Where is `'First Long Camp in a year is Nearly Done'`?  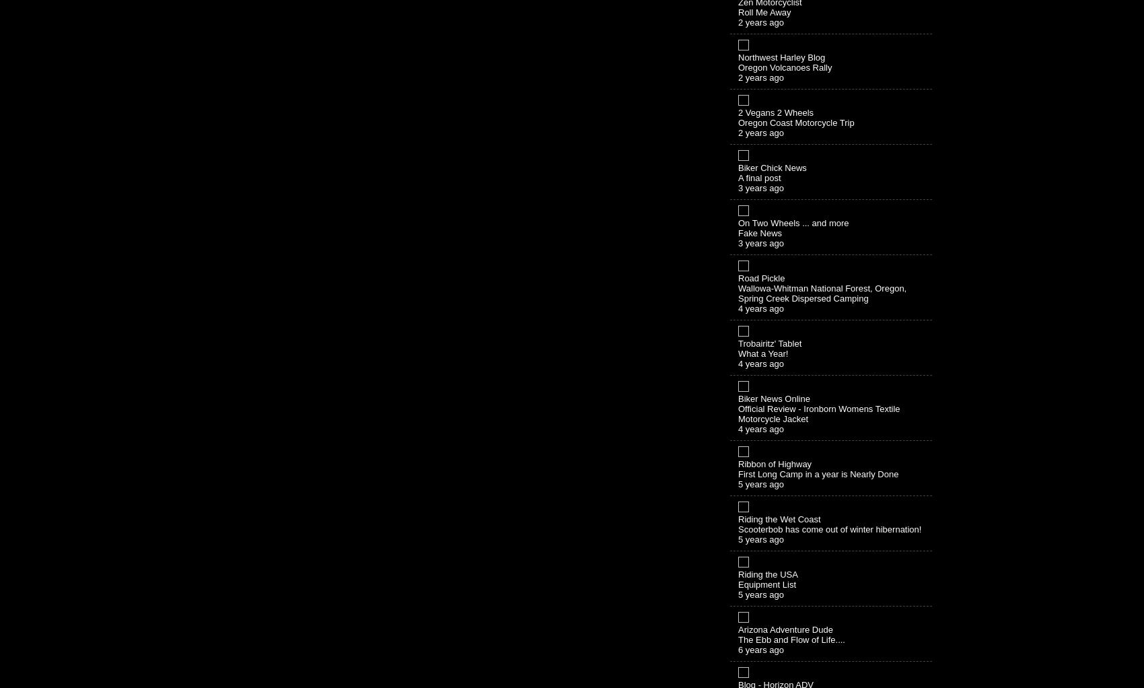
'First Long Camp in a year is Nearly Done' is located at coordinates (818, 473).